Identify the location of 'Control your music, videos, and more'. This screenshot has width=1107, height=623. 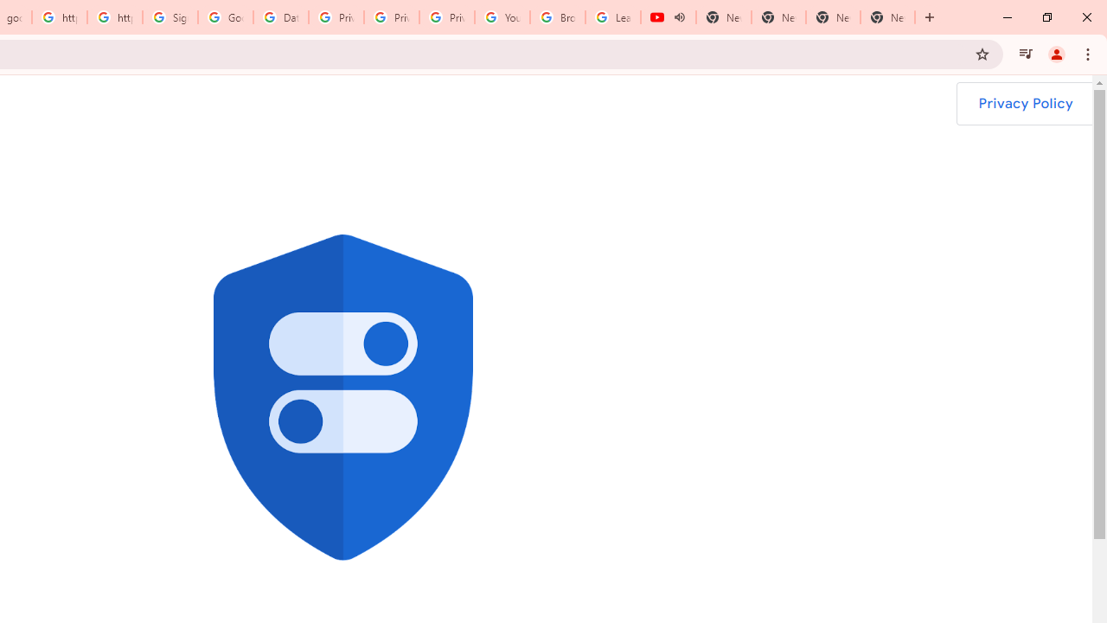
(1025, 53).